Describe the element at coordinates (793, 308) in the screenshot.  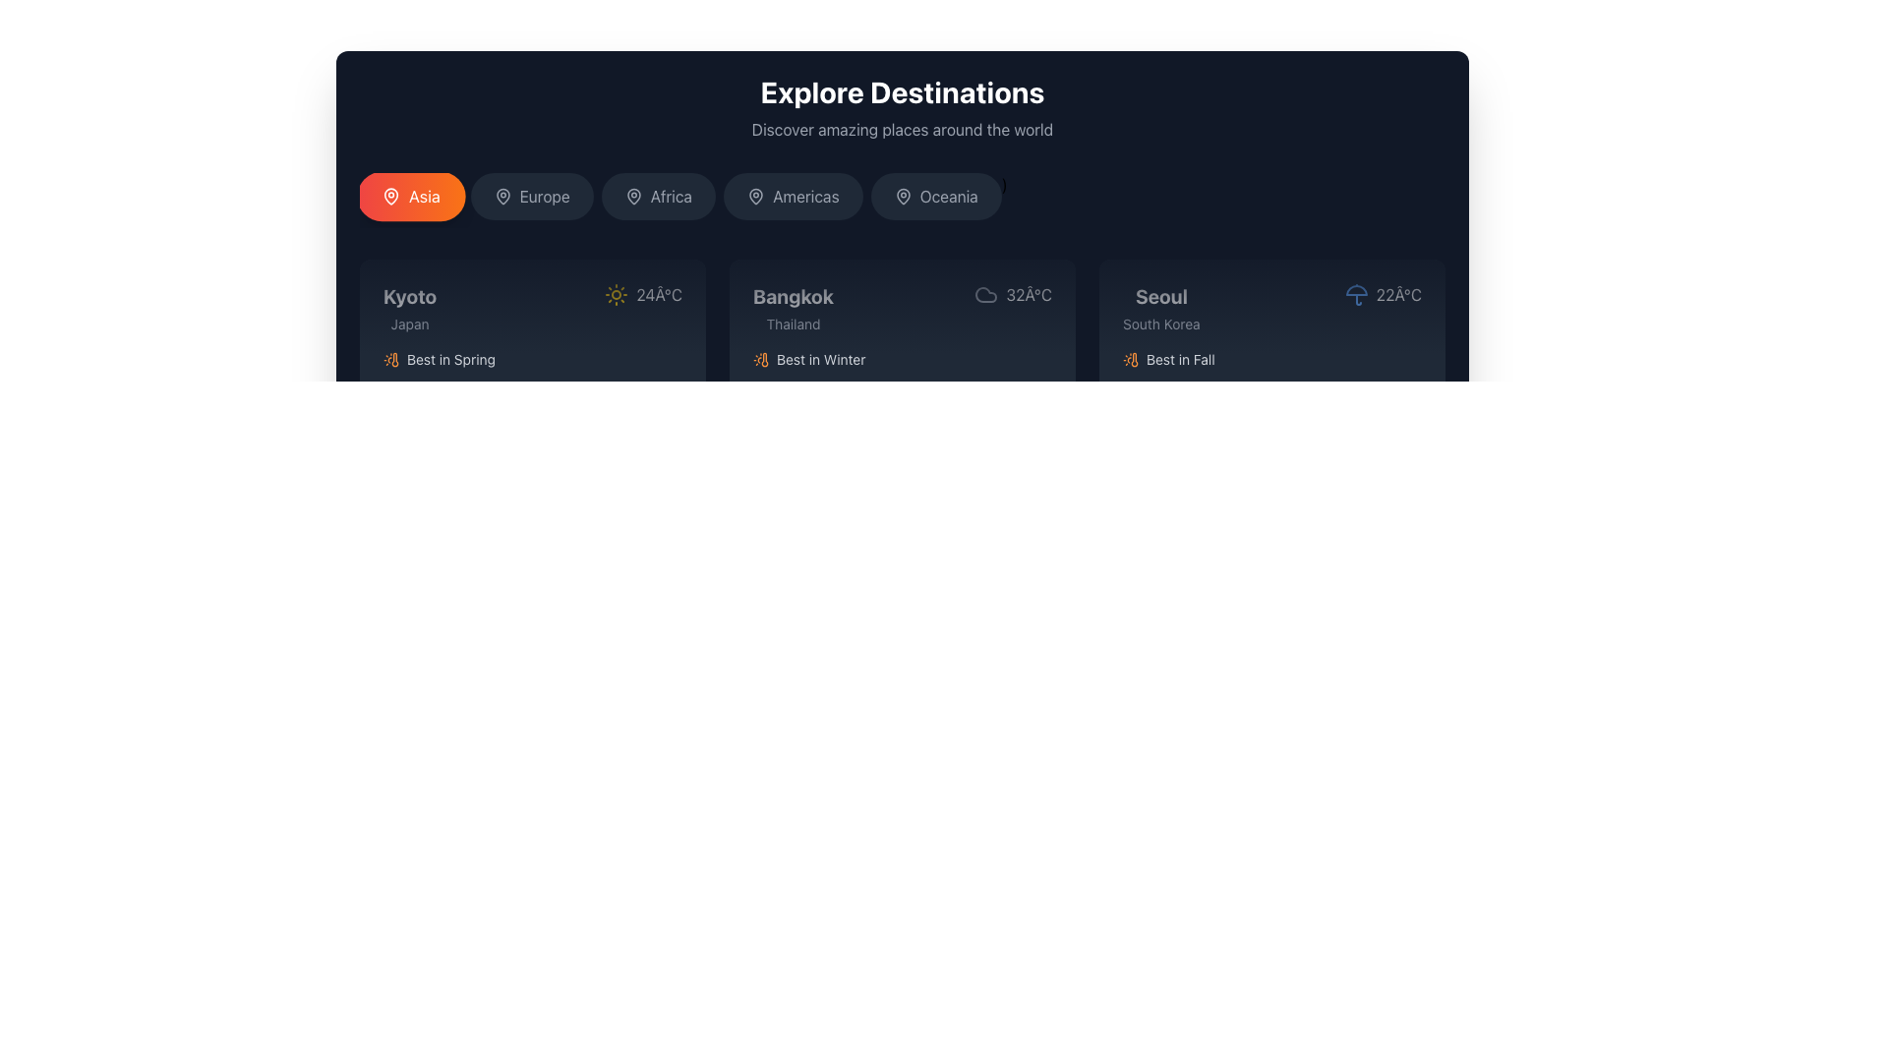
I see `the text label displaying 'Bangkok' in bold white font, which is centrally aligned above 'Thailand' in smaller gray font, located in the second column of the destination information grid` at that location.